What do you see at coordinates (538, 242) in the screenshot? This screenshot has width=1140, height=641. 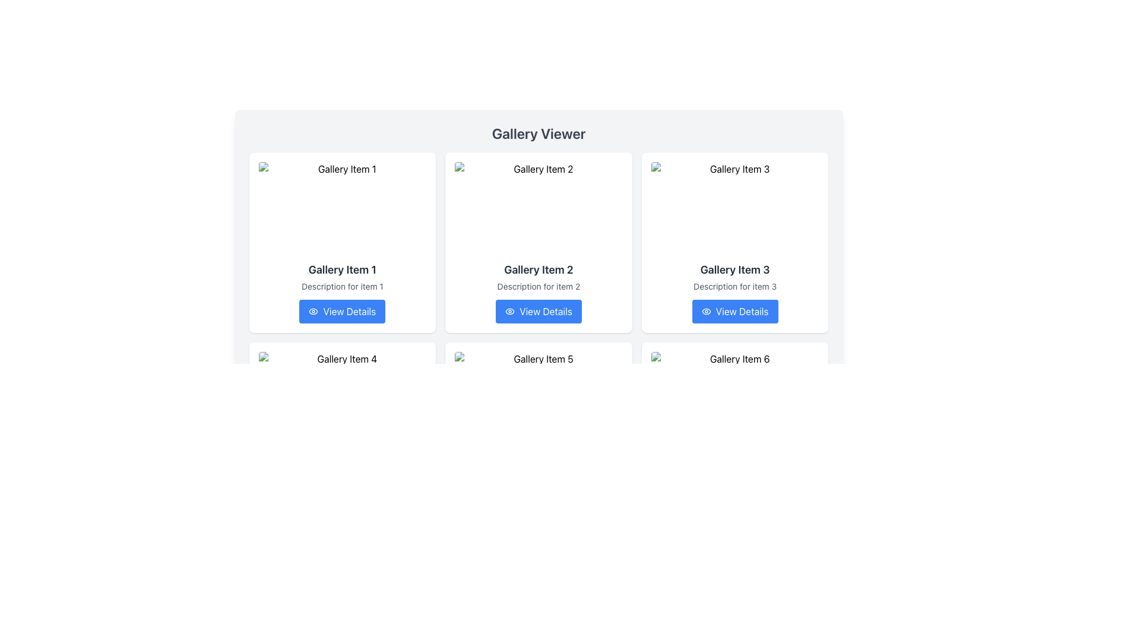 I see `the Card Item labeled 'Gallery Item 2' that has a white background, rounded corners, and a shadow effect, located in the middle column of the top row in the gallery layout` at bounding box center [538, 242].